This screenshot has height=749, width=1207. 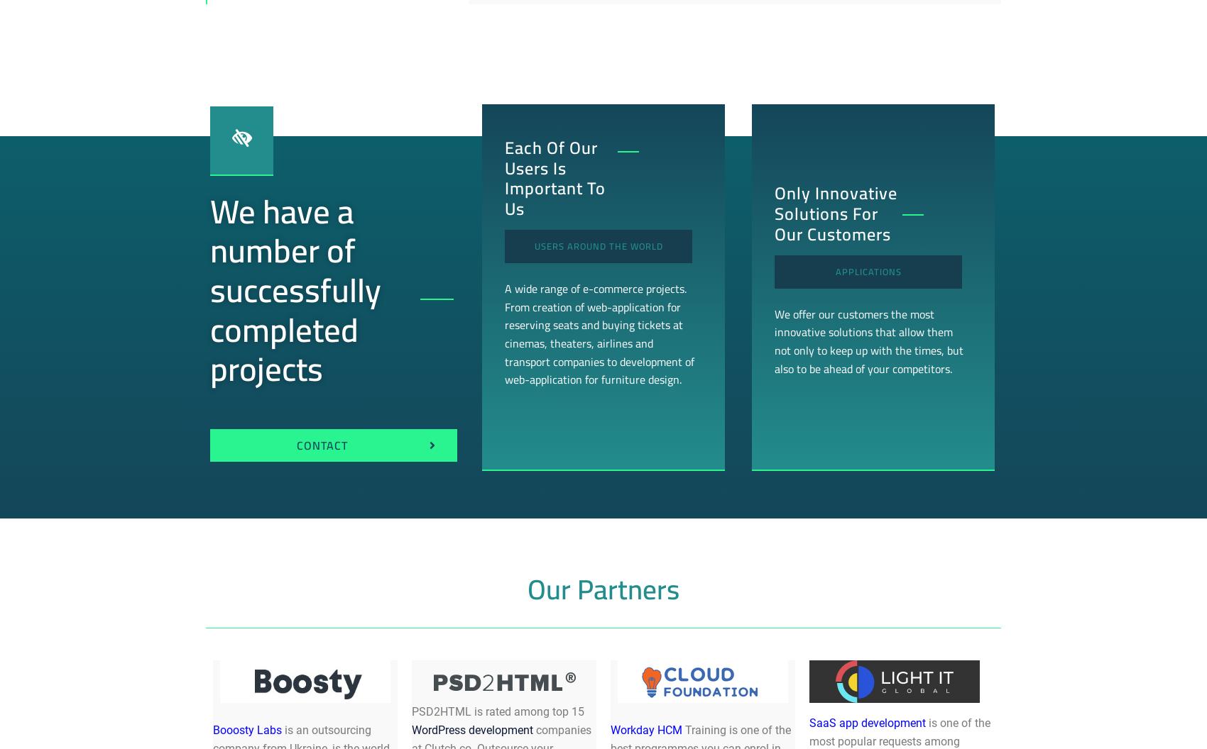 What do you see at coordinates (553, 177) in the screenshot?
I see `'Each of our users is important to us'` at bounding box center [553, 177].